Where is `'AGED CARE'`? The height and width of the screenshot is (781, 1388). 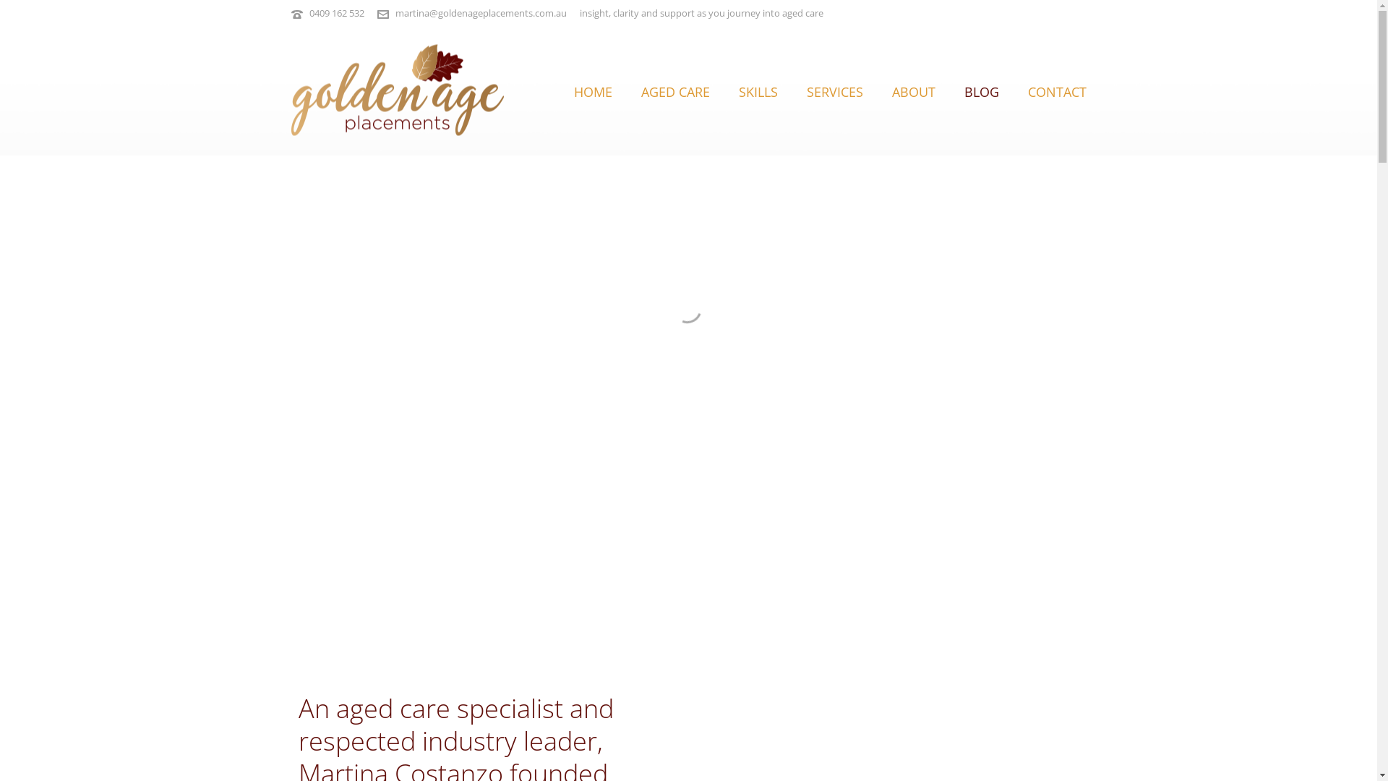
'AGED CARE' is located at coordinates (674, 90).